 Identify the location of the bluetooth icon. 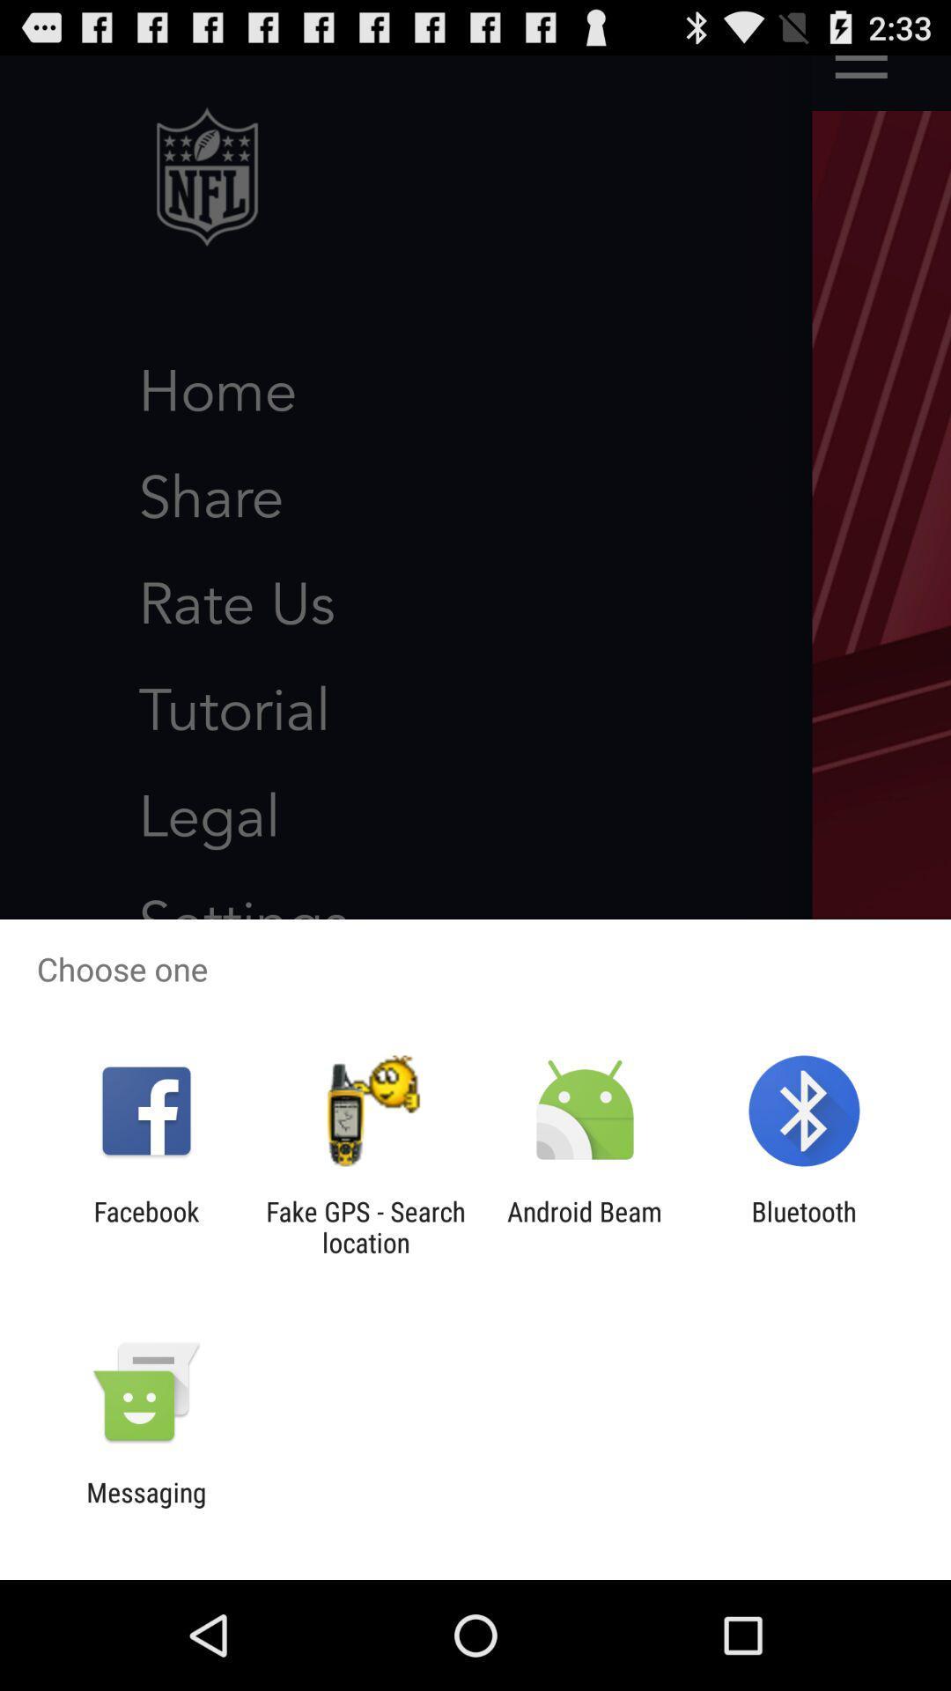
(804, 1226).